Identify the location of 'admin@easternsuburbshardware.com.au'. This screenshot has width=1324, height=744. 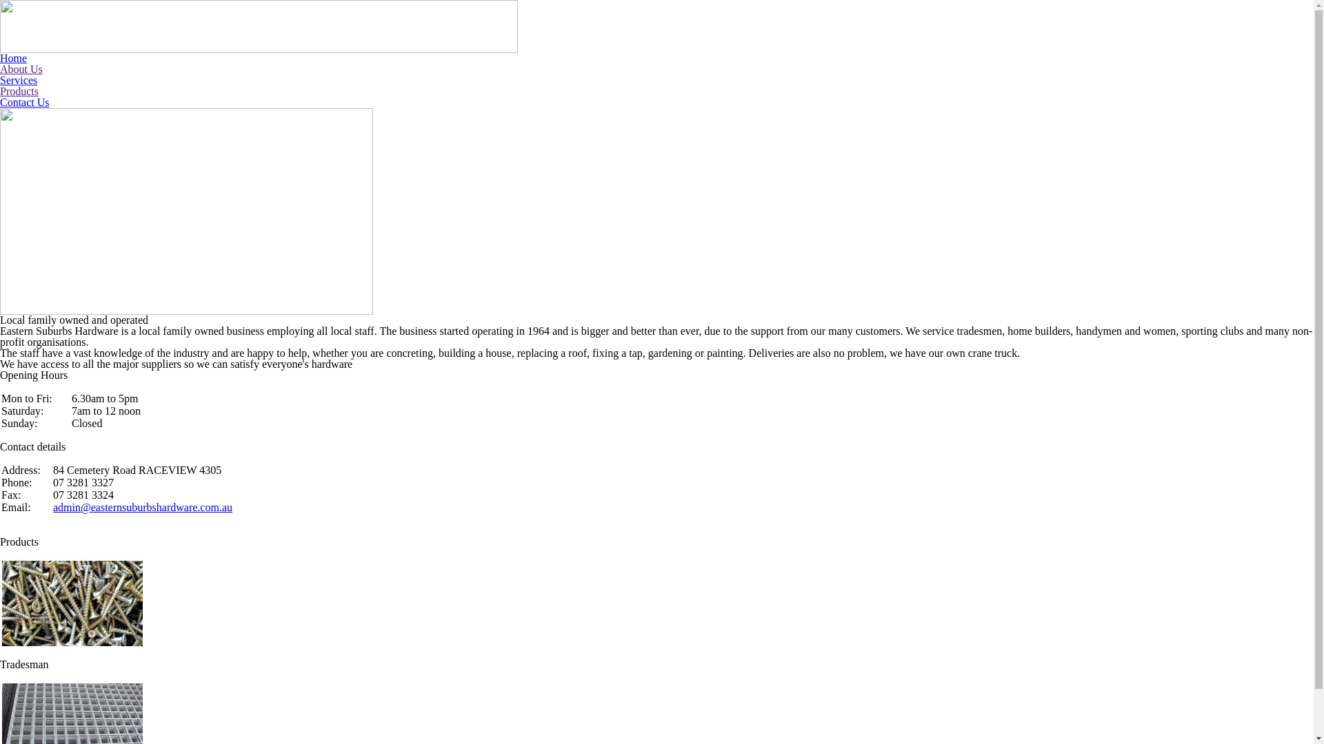
(52, 507).